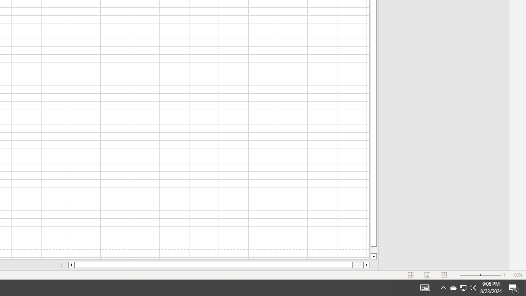 The width and height of the screenshot is (526, 296). Describe the element at coordinates (373, 256) in the screenshot. I see `'Line down'` at that location.